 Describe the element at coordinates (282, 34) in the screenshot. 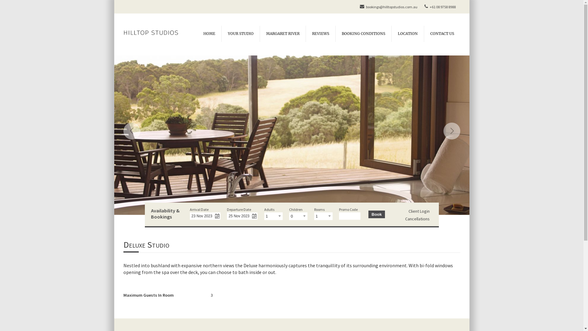

I see `'MARGARET RIVER'` at that location.